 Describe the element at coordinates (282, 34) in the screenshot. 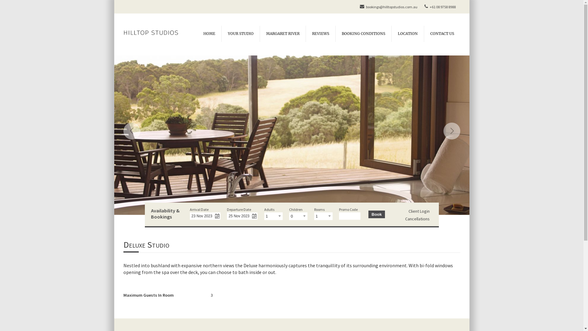

I see `'MARGARET RIVER'` at that location.